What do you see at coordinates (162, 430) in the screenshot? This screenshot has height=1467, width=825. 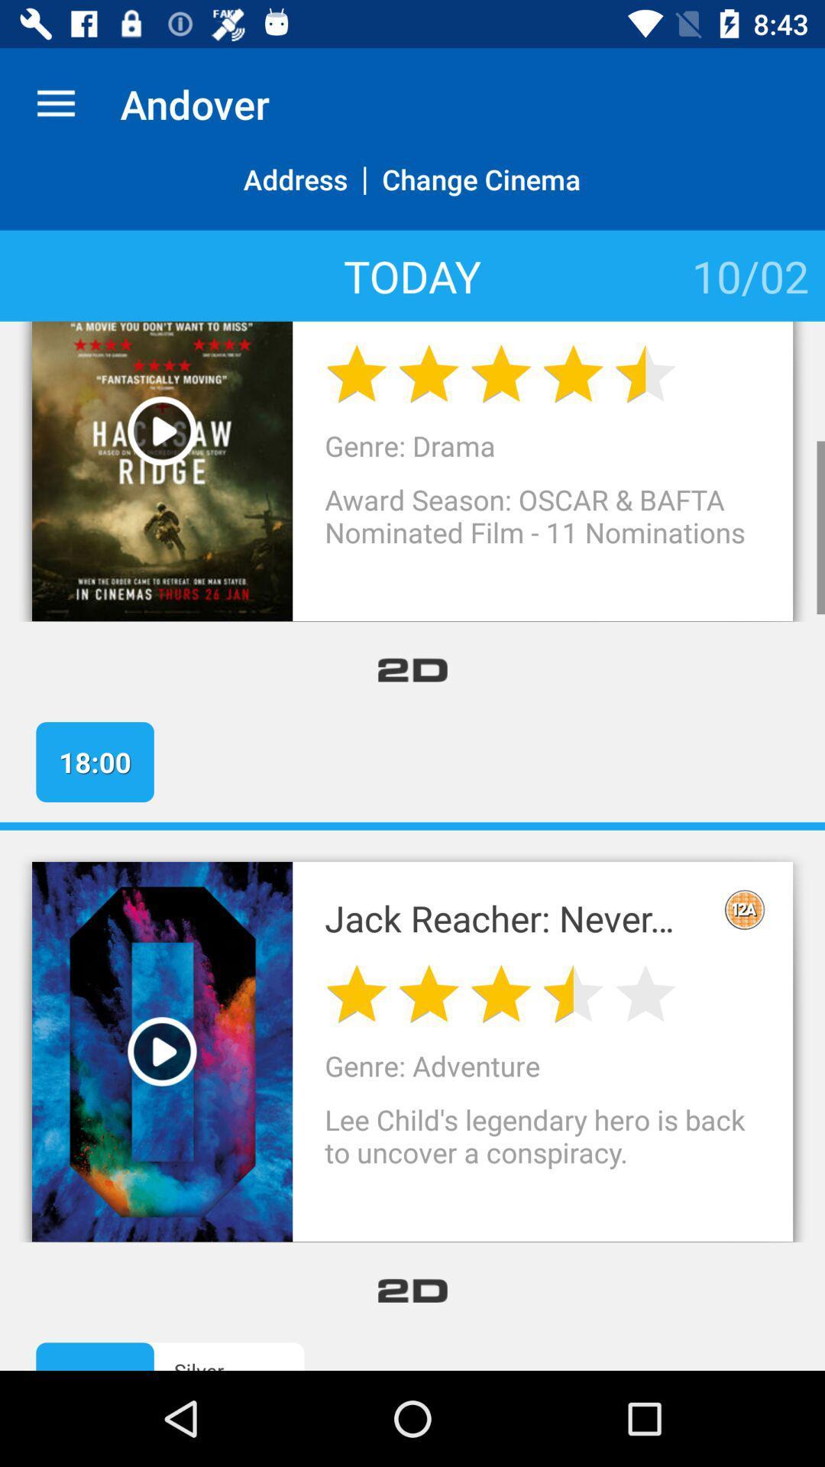 I see `play` at bounding box center [162, 430].